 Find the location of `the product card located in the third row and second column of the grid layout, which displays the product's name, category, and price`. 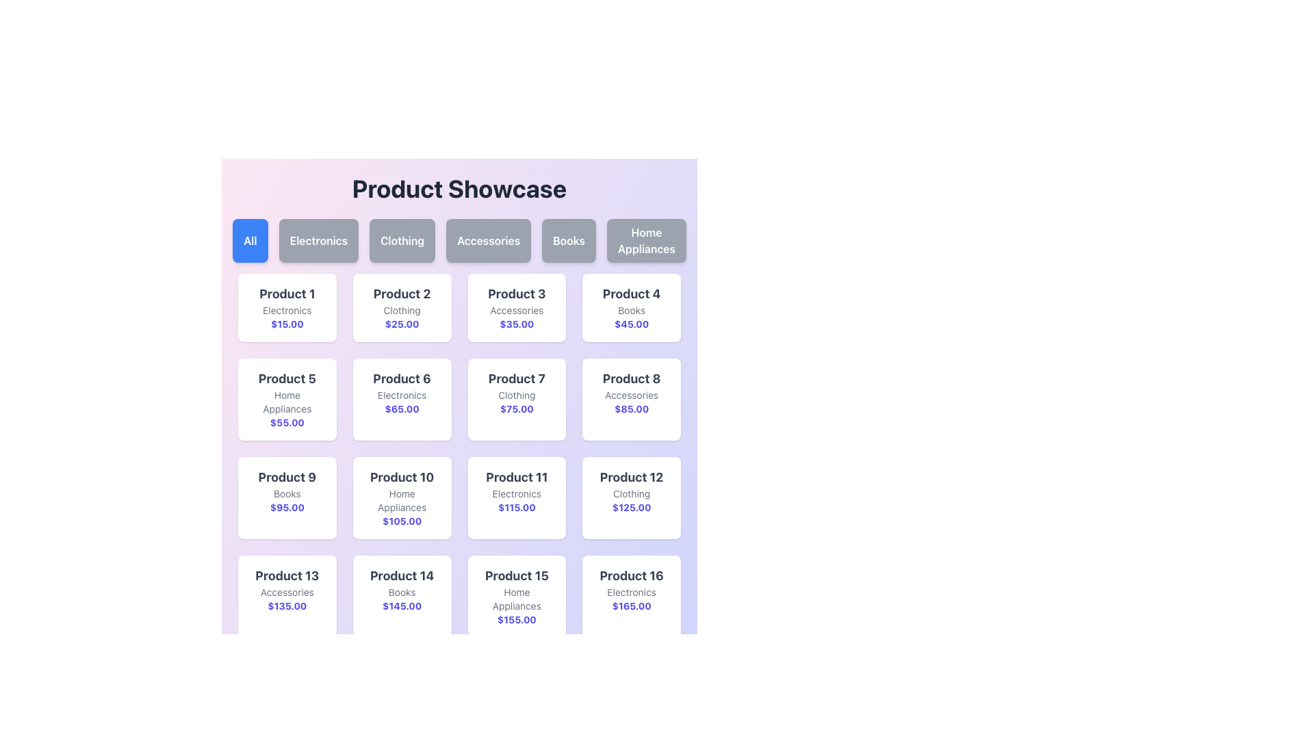

the product card located in the third row and second column of the grid layout, which displays the product's name, category, and price is located at coordinates (401, 498).